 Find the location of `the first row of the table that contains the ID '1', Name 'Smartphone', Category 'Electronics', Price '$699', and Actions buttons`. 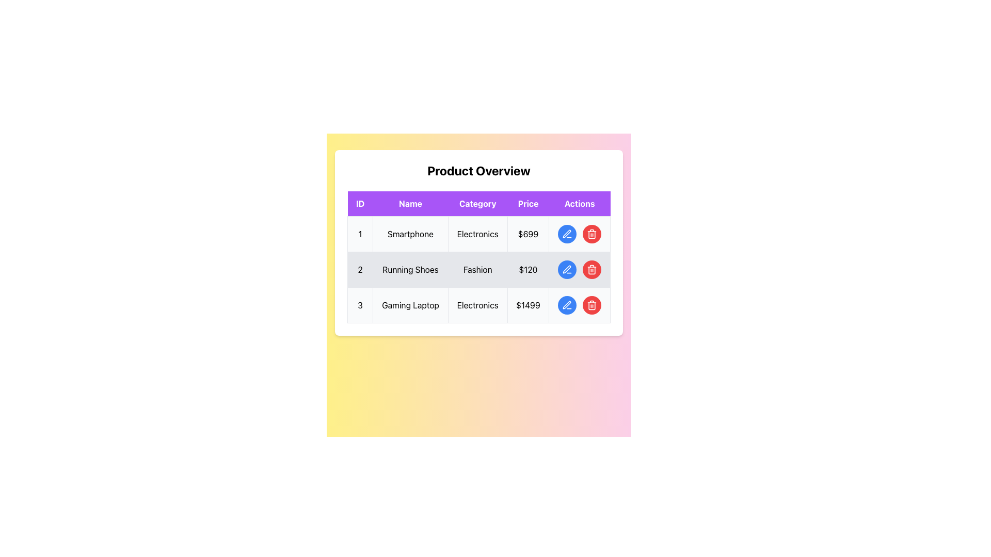

the first row of the table that contains the ID '1', Name 'Smartphone', Category 'Electronics', Price '$699', and Actions buttons is located at coordinates (478, 234).